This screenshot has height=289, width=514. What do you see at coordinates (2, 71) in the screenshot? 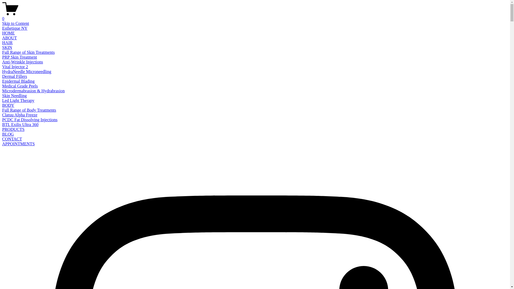
I see `'HydraNeedle Microneedling'` at bounding box center [2, 71].